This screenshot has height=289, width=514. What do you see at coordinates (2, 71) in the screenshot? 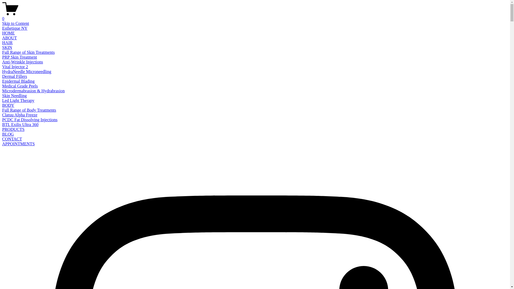
I see `'HydraNeedle Microneedling'` at bounding box center [2, 71].